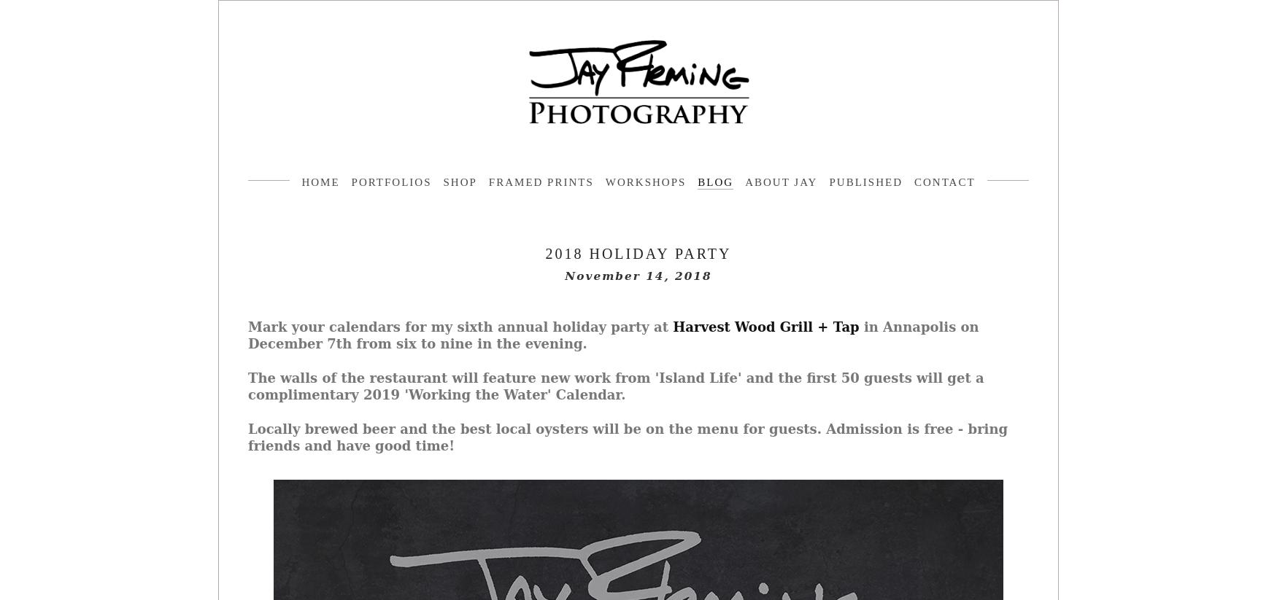 The width and height of the screenshot is (1277, 600). I want to click on 'Framed Prints', so click(540, 182).